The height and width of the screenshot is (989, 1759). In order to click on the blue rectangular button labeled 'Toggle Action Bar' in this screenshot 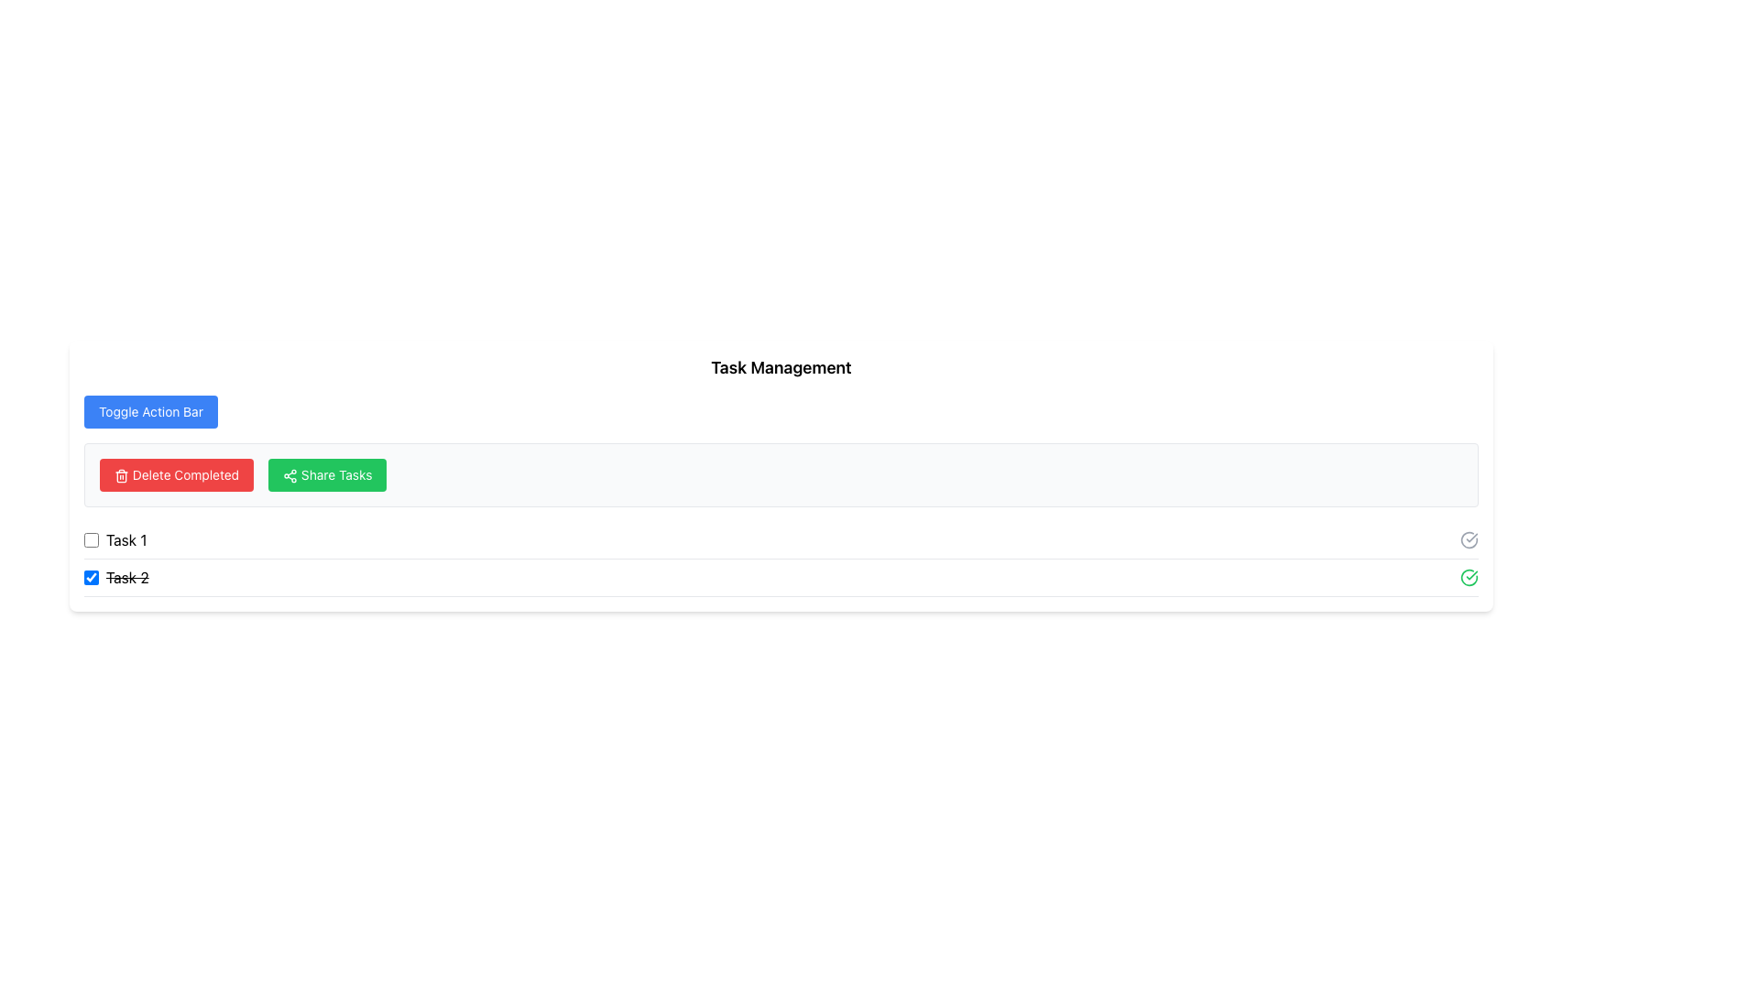, I will do `click(150, 412)`.